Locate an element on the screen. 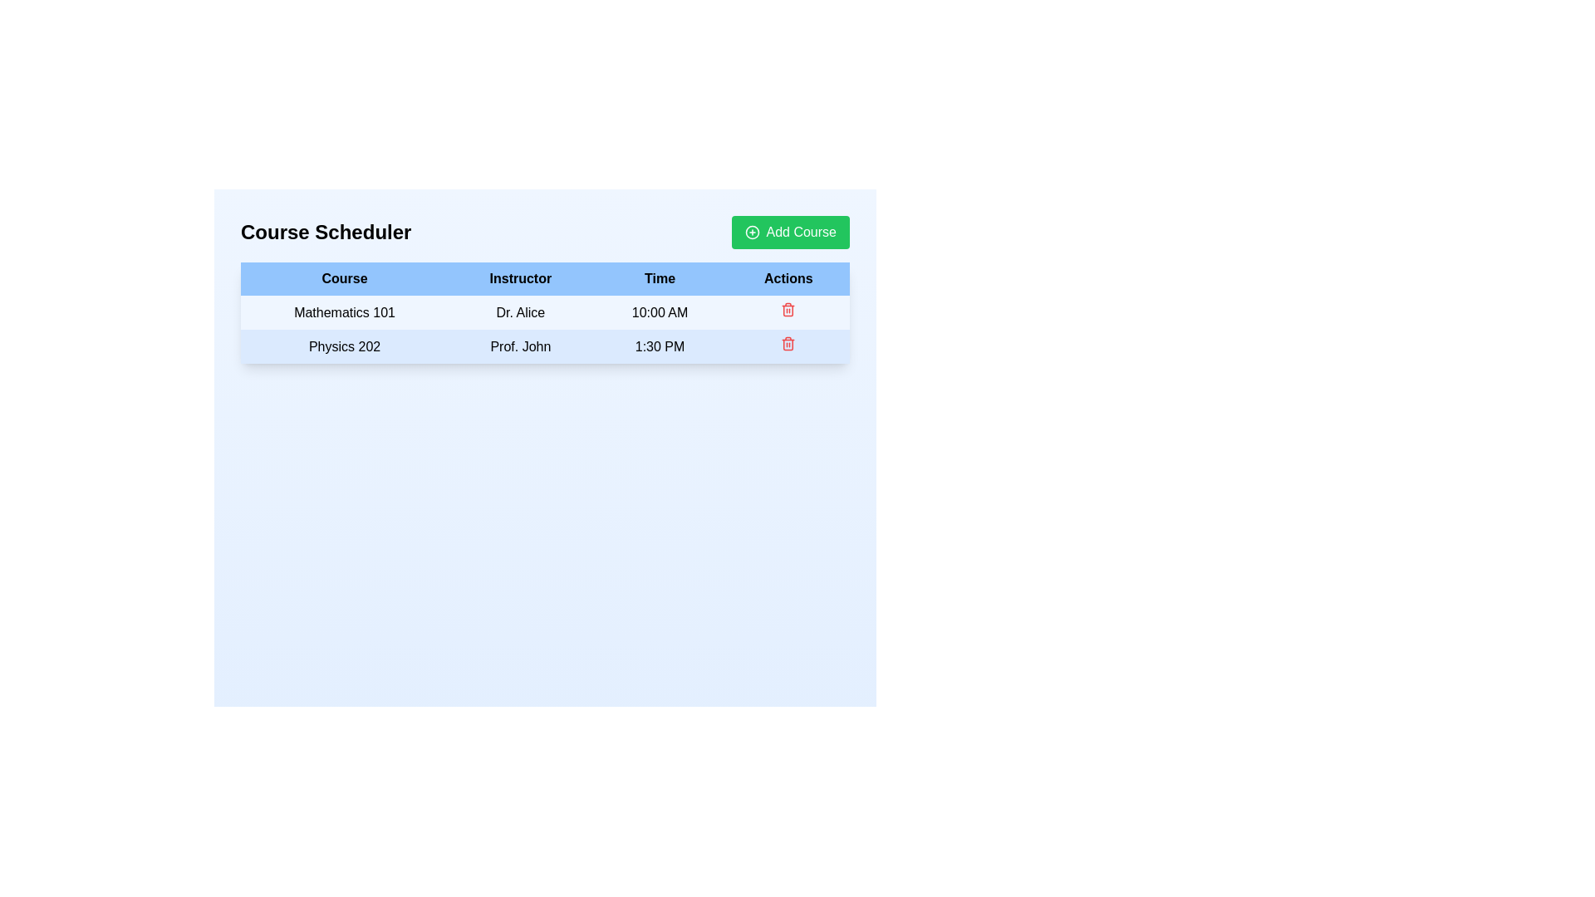  the 'Course Scheduler' text label, which is prominently displayed in bold, large black font on a white background, located at the top-left part of the interface is located at coordinates (326, 233).